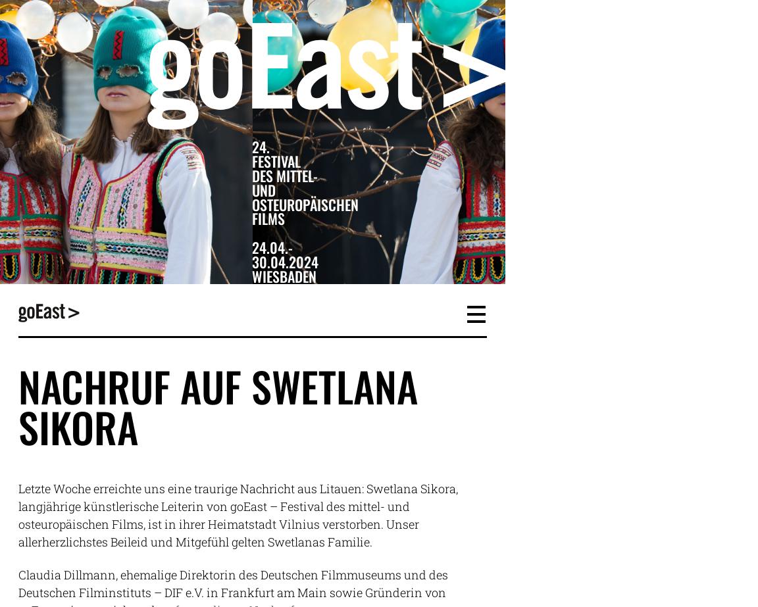 The width and height of the screenshot is (758, 607). What do you see at coordinates (251, 189) in the screenshot?
I see `'und'` at bounding box center [251, 189].